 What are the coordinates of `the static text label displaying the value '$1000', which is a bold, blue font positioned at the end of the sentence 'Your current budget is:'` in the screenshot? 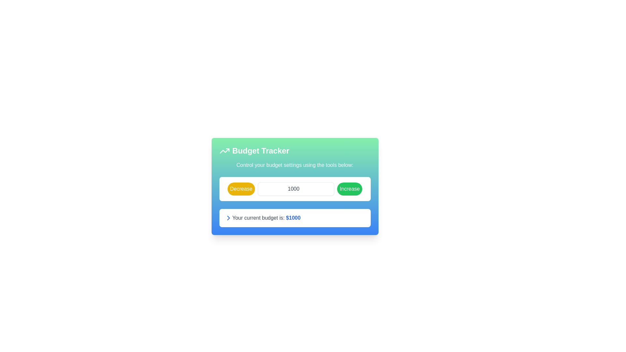 It's located at (293, 218).